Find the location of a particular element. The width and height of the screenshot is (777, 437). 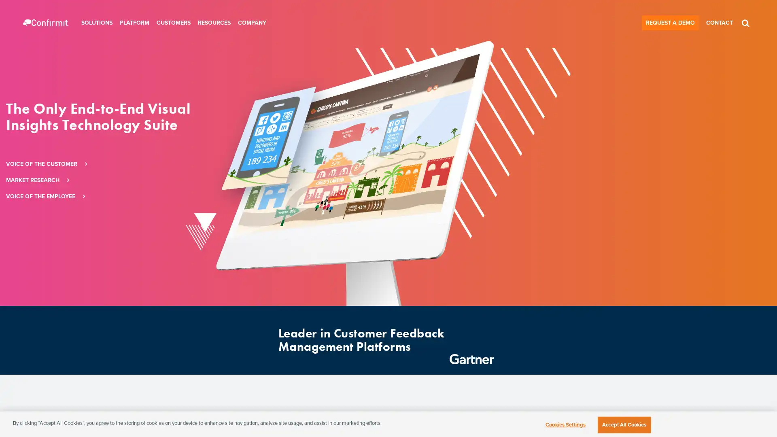

VOICE OF THE CUSTOMER is located at coordinates (199, 164).